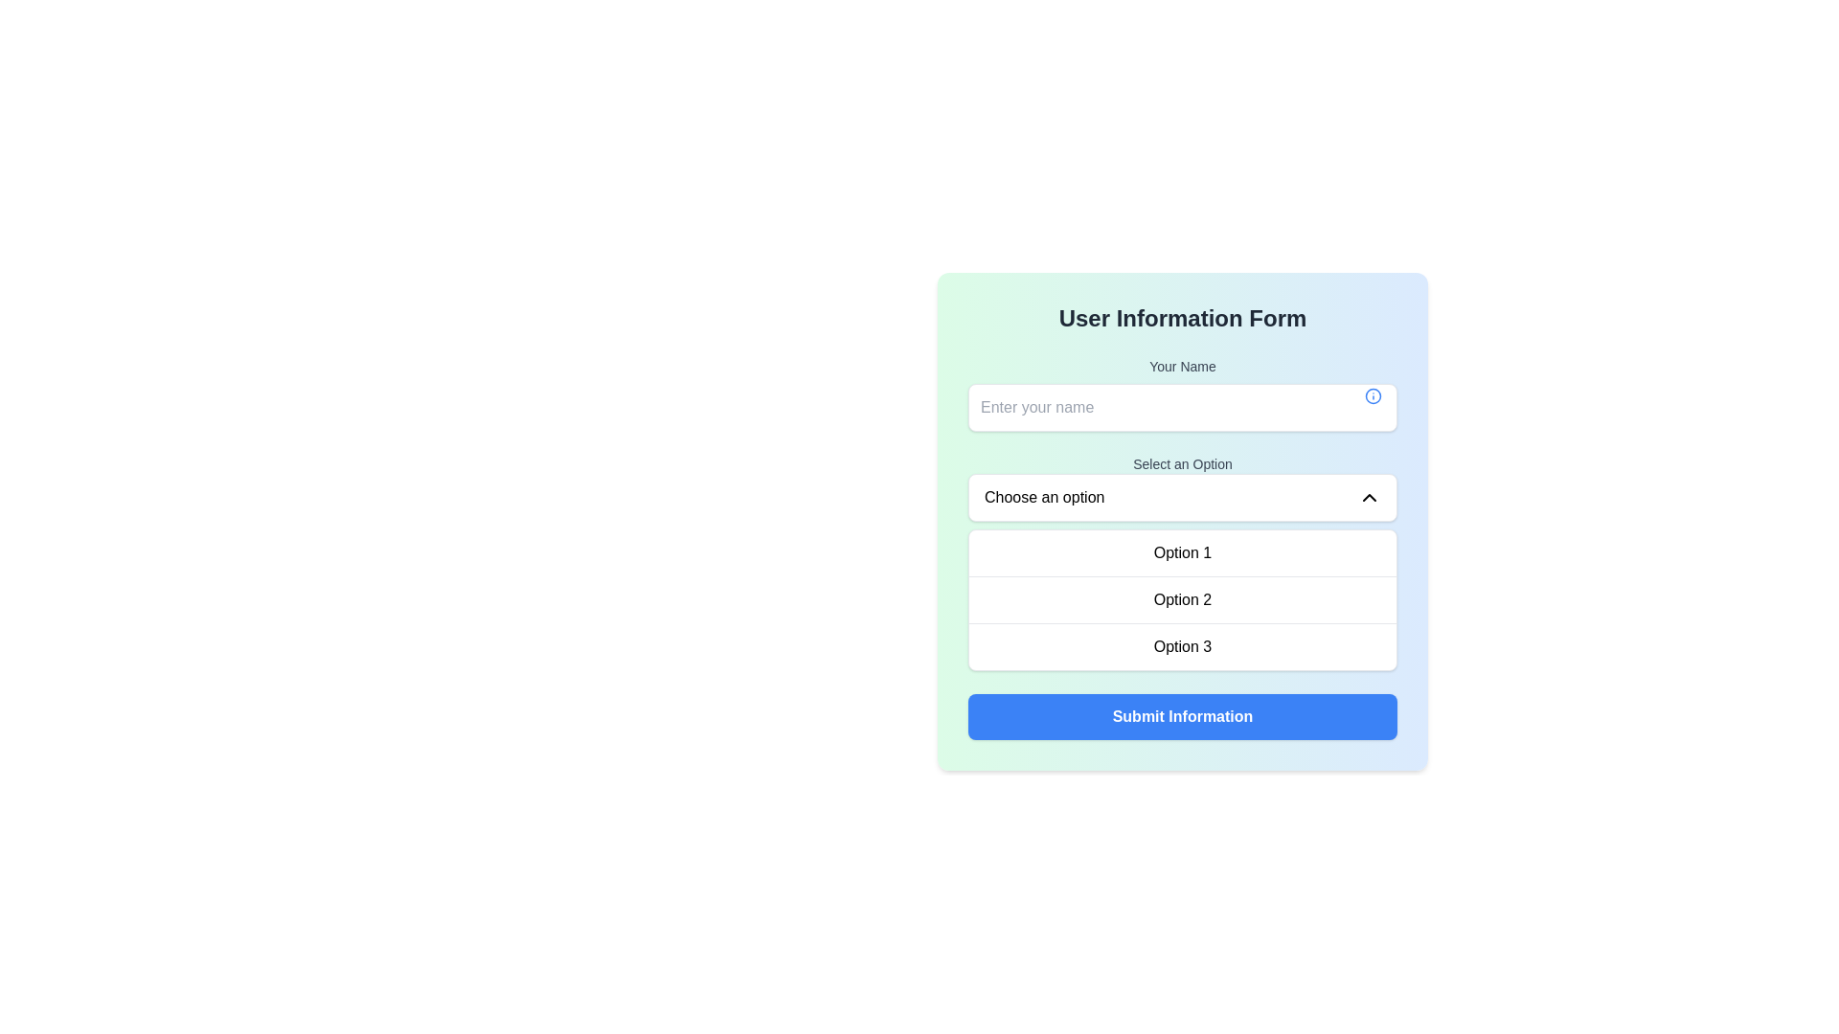 The image size is (1839, 1034). Describe the element at coordinates (1181, 366) in the screenshot. I see `the label above the text input field for entering the user's name in the 'User Information Form'` at that location.